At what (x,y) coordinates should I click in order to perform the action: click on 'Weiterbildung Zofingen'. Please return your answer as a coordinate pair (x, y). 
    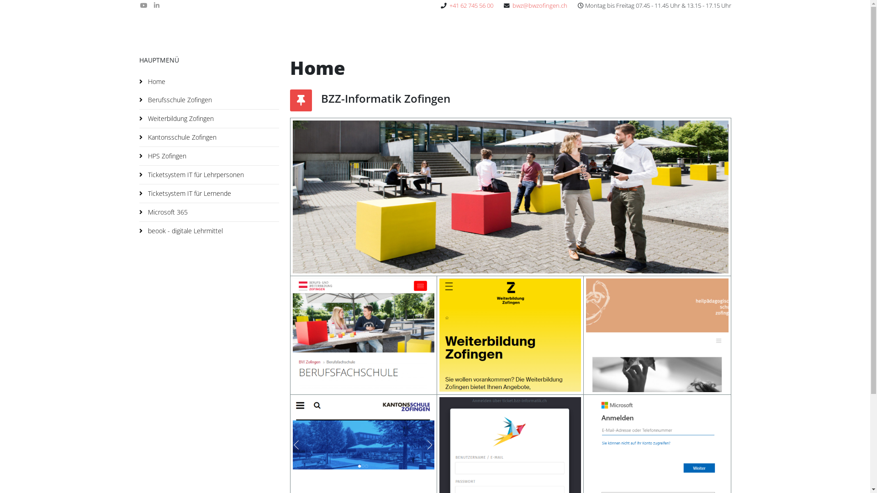
    Looking at the image, I should click on (208, 118).